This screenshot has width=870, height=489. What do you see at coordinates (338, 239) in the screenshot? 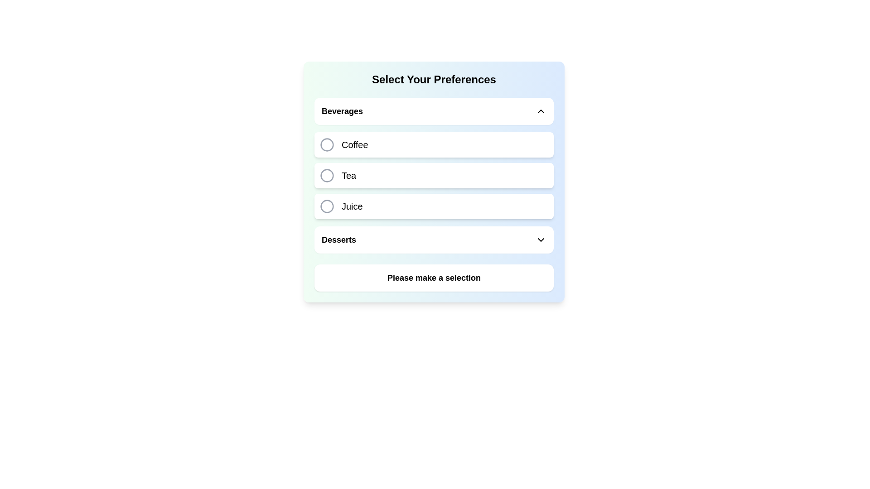
I see `the Text Label indicating the desserts category in the preference form, located in the fourth section of the vertical list of options` at bounding box center [338, 239].